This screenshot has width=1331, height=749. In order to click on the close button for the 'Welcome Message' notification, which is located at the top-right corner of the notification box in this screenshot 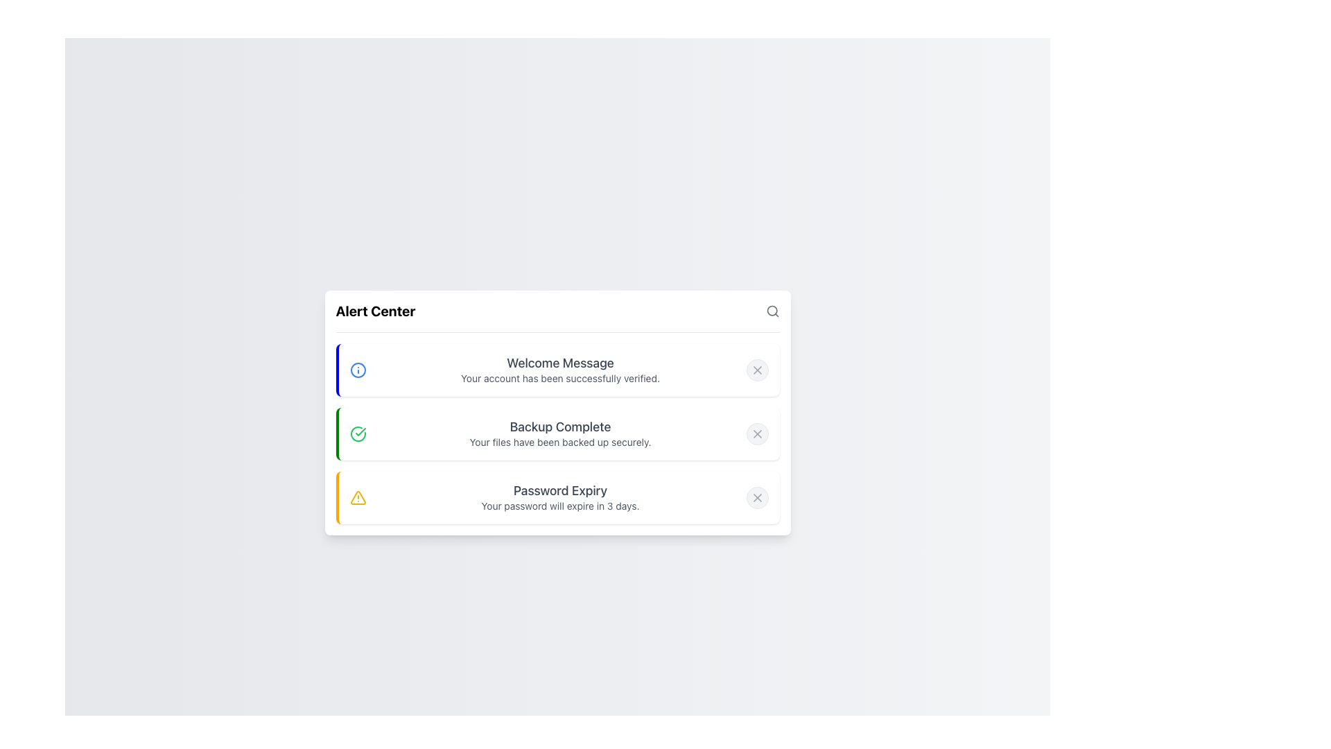, I will do `click(756, 369)`.